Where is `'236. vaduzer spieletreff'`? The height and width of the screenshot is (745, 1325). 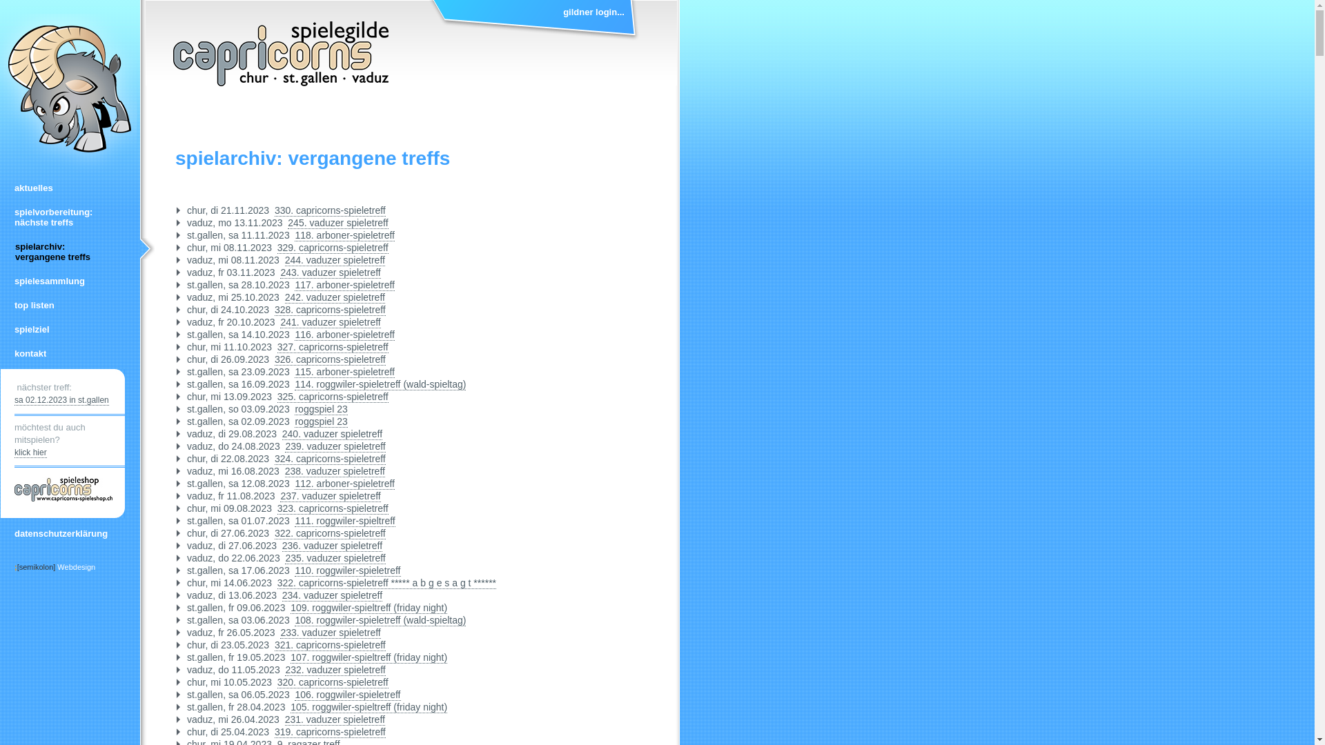 '236. vaduzer spieletreff' is located at coordinates (281, 545).